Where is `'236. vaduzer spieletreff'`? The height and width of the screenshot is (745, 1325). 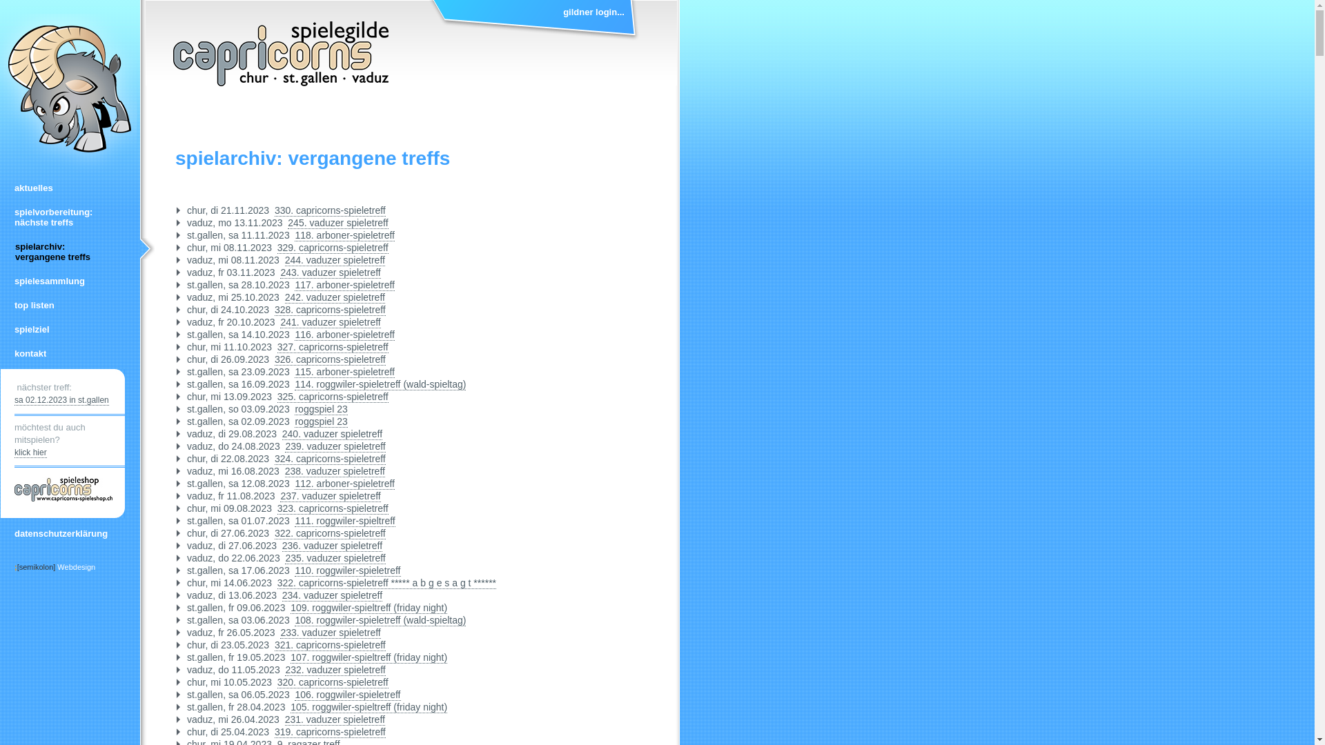 '236. vaduzer spieletreff' is located at coordinates (281, 545).